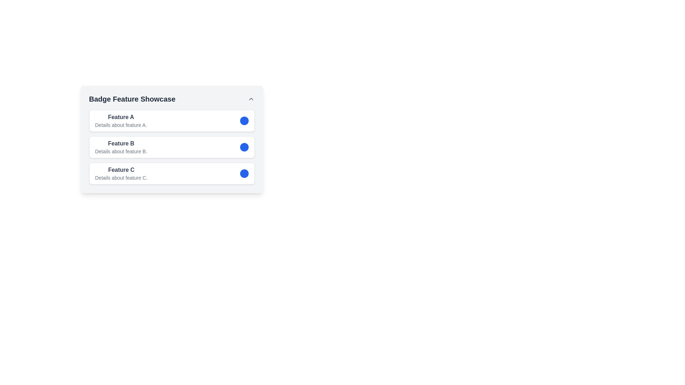 Image resolution: width=685 pixels, height=385 pixels. I want to click on the Indicator badge indicating the active state of 'Feature C' located in the third row of the 'Badge Feature Showcase' list, so click(244, 173).